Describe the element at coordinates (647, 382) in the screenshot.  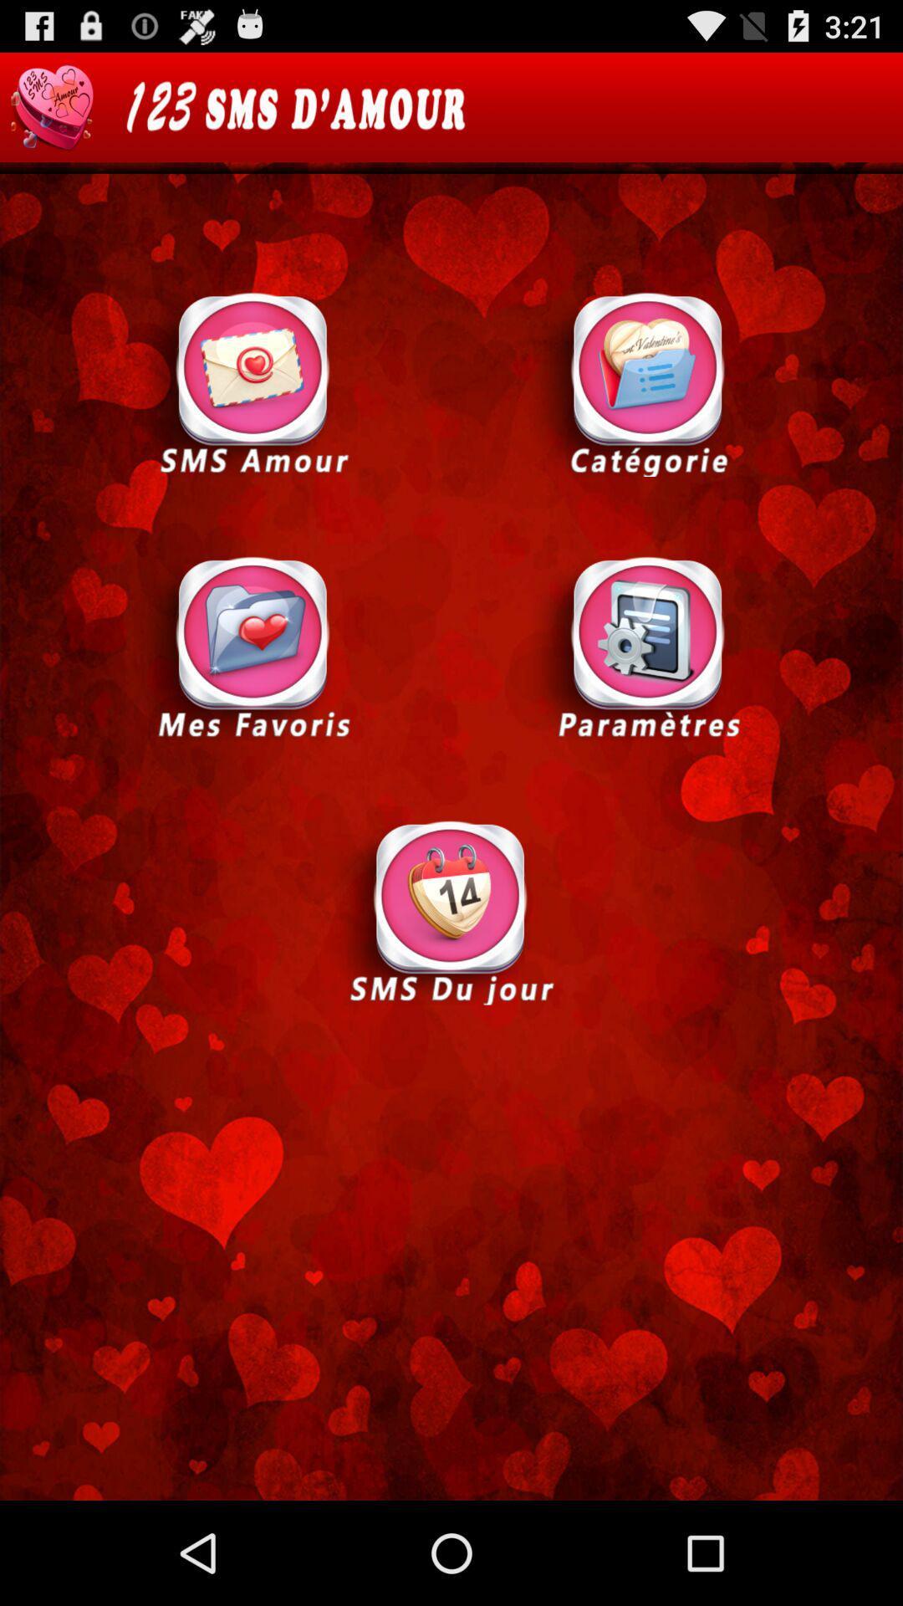
I see `category` at that location.